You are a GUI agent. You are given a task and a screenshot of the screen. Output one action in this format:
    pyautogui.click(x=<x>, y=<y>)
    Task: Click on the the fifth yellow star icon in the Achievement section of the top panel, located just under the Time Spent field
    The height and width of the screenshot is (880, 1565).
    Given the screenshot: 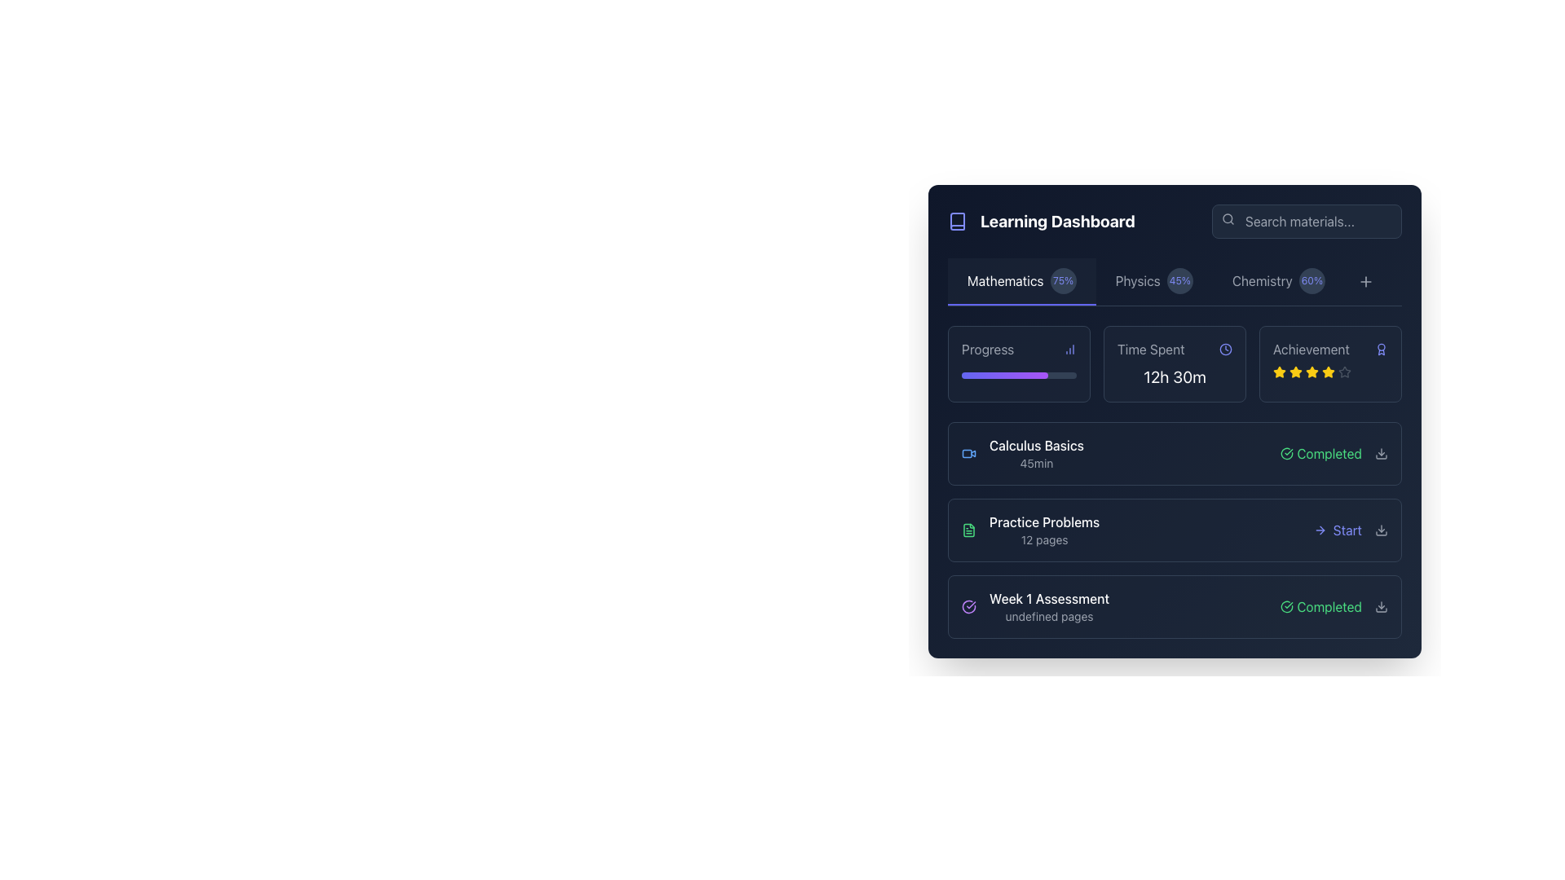 What is the action you would take?
    pyautogui.click(x=1329, y=372)
    